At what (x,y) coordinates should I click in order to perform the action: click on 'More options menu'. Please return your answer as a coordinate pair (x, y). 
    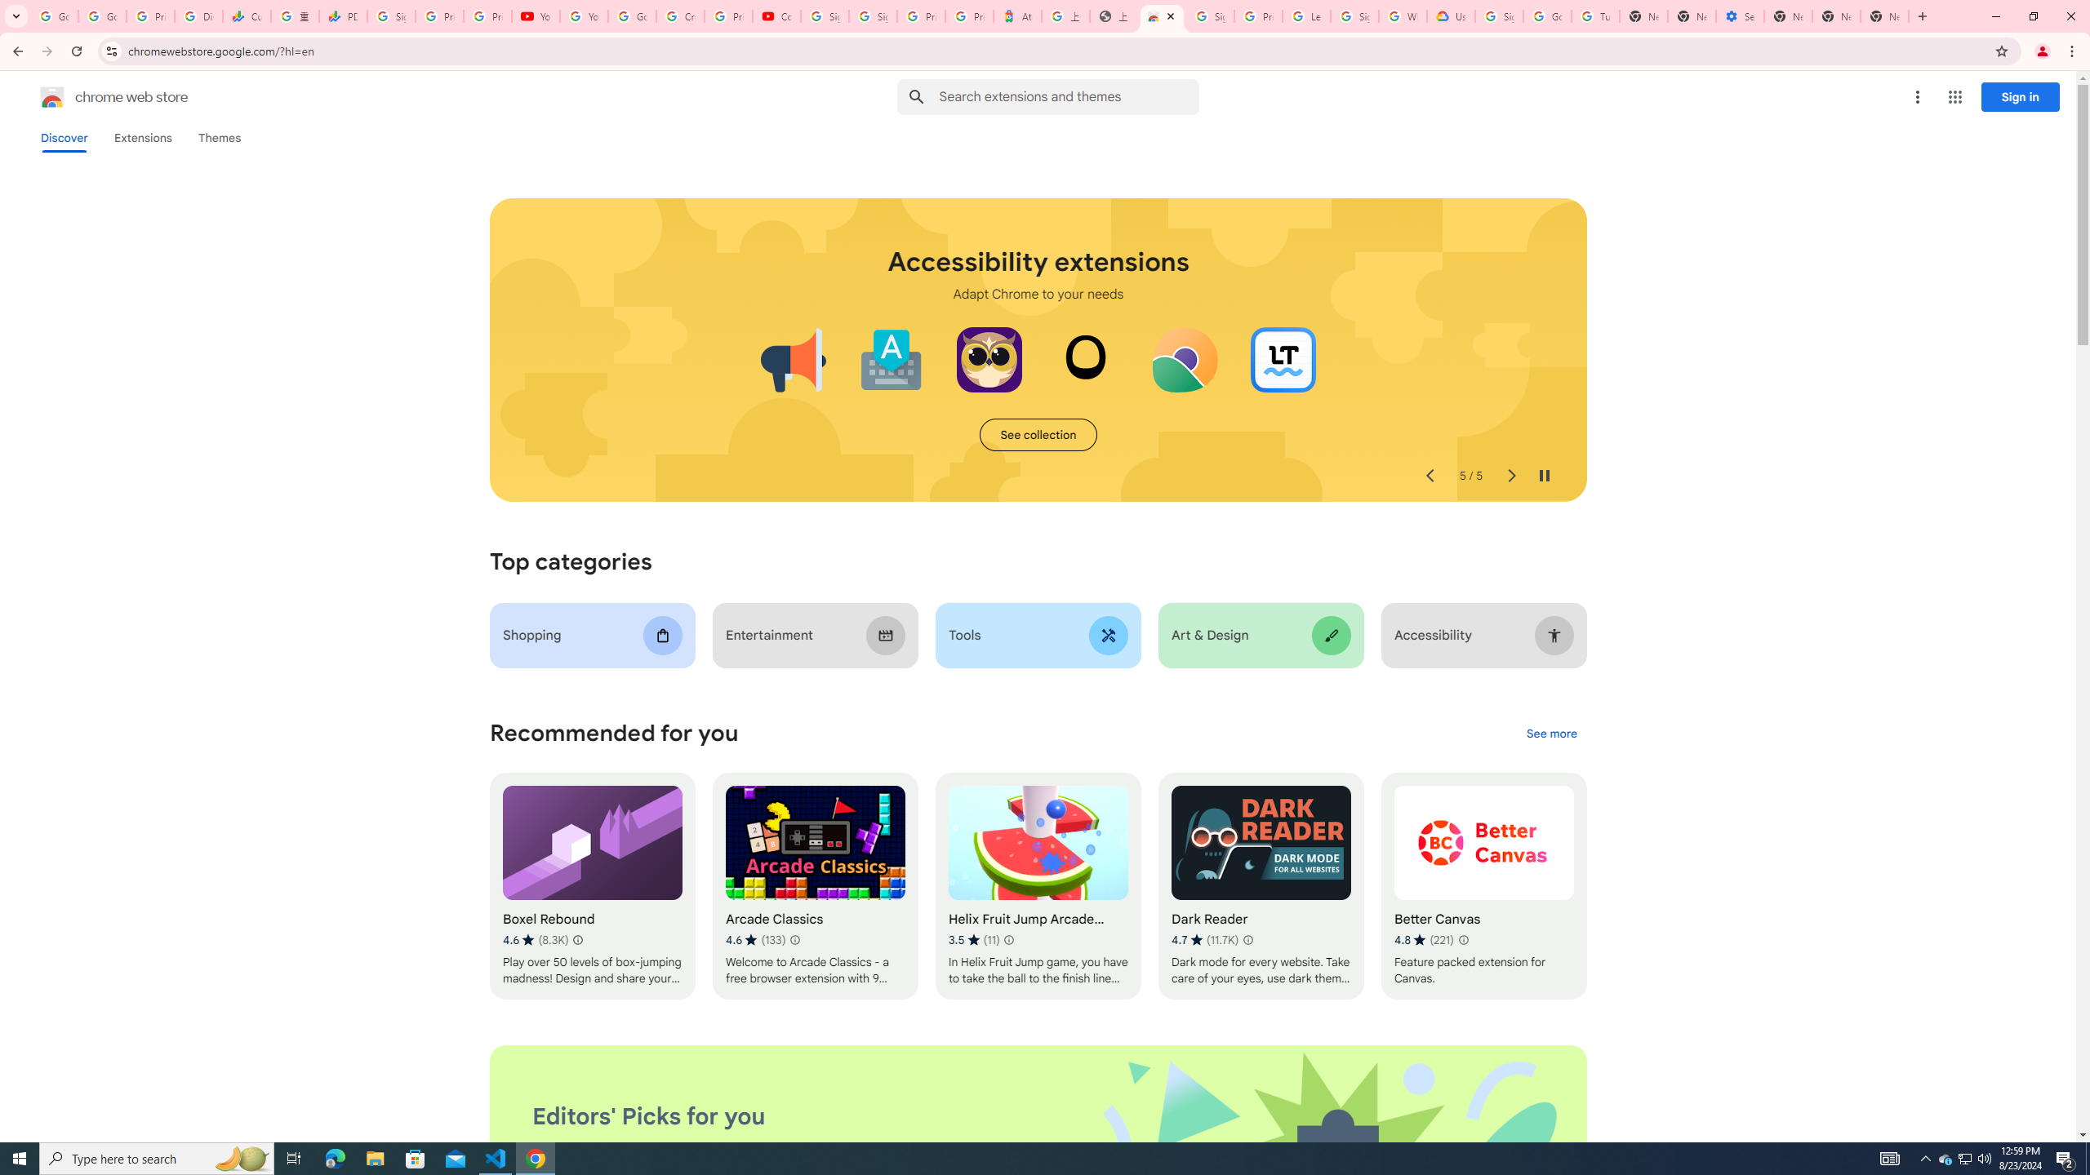
    Looking at the image, I should click on (1917, 96).